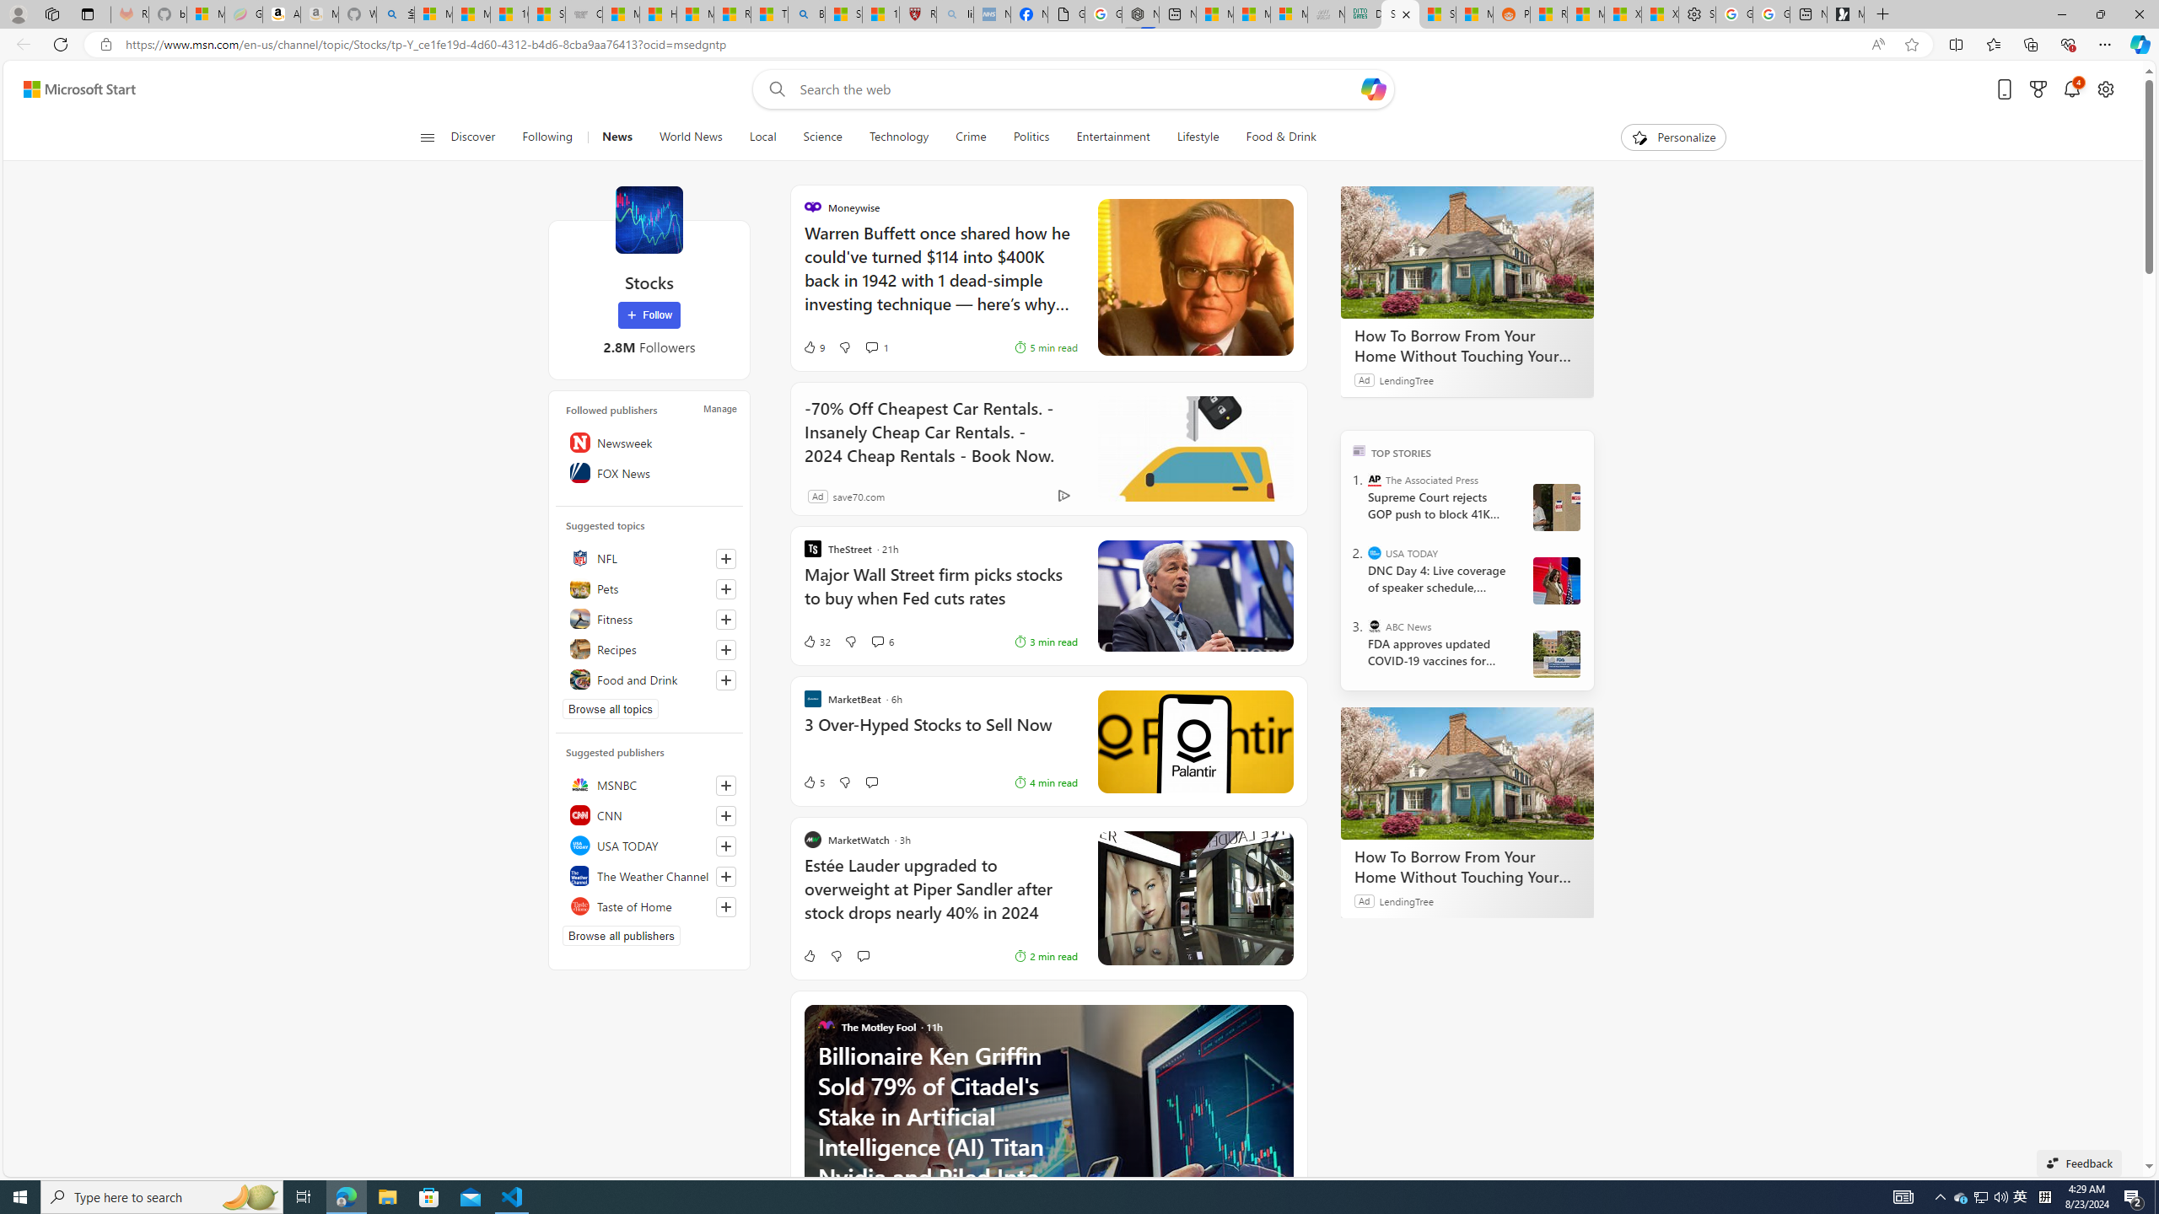 Image resolution: width=2159 pixels, height=1214 pixels. What do you see at coordinates (880, 642) in the screenshot?
I see `'View comments 6 Comment'` at bounding box center [880, 642].